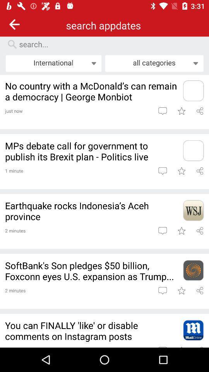  What do you see at coordinates (193, 210) in the screenshot?
I see `link where article is located` at bounding box center [193, 210].